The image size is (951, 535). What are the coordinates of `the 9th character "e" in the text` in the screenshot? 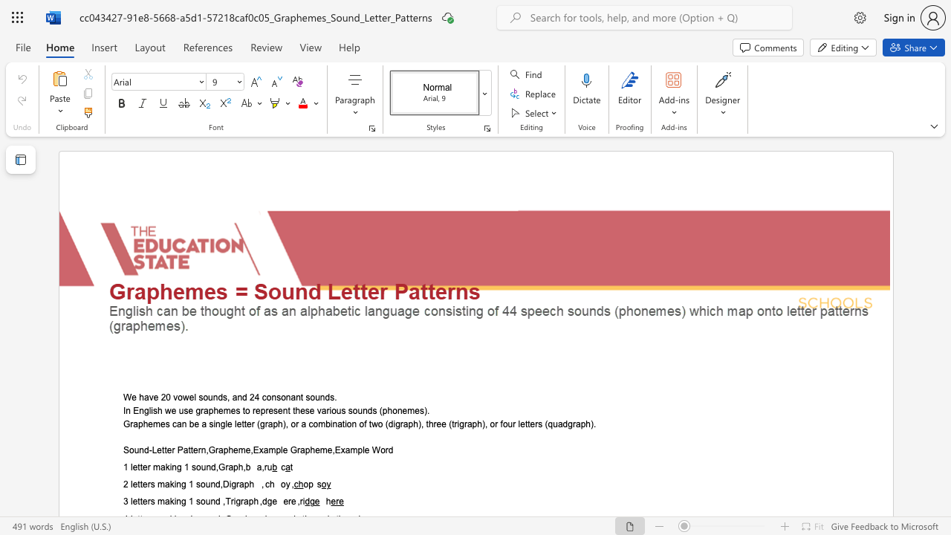 It's located at (367, 450).